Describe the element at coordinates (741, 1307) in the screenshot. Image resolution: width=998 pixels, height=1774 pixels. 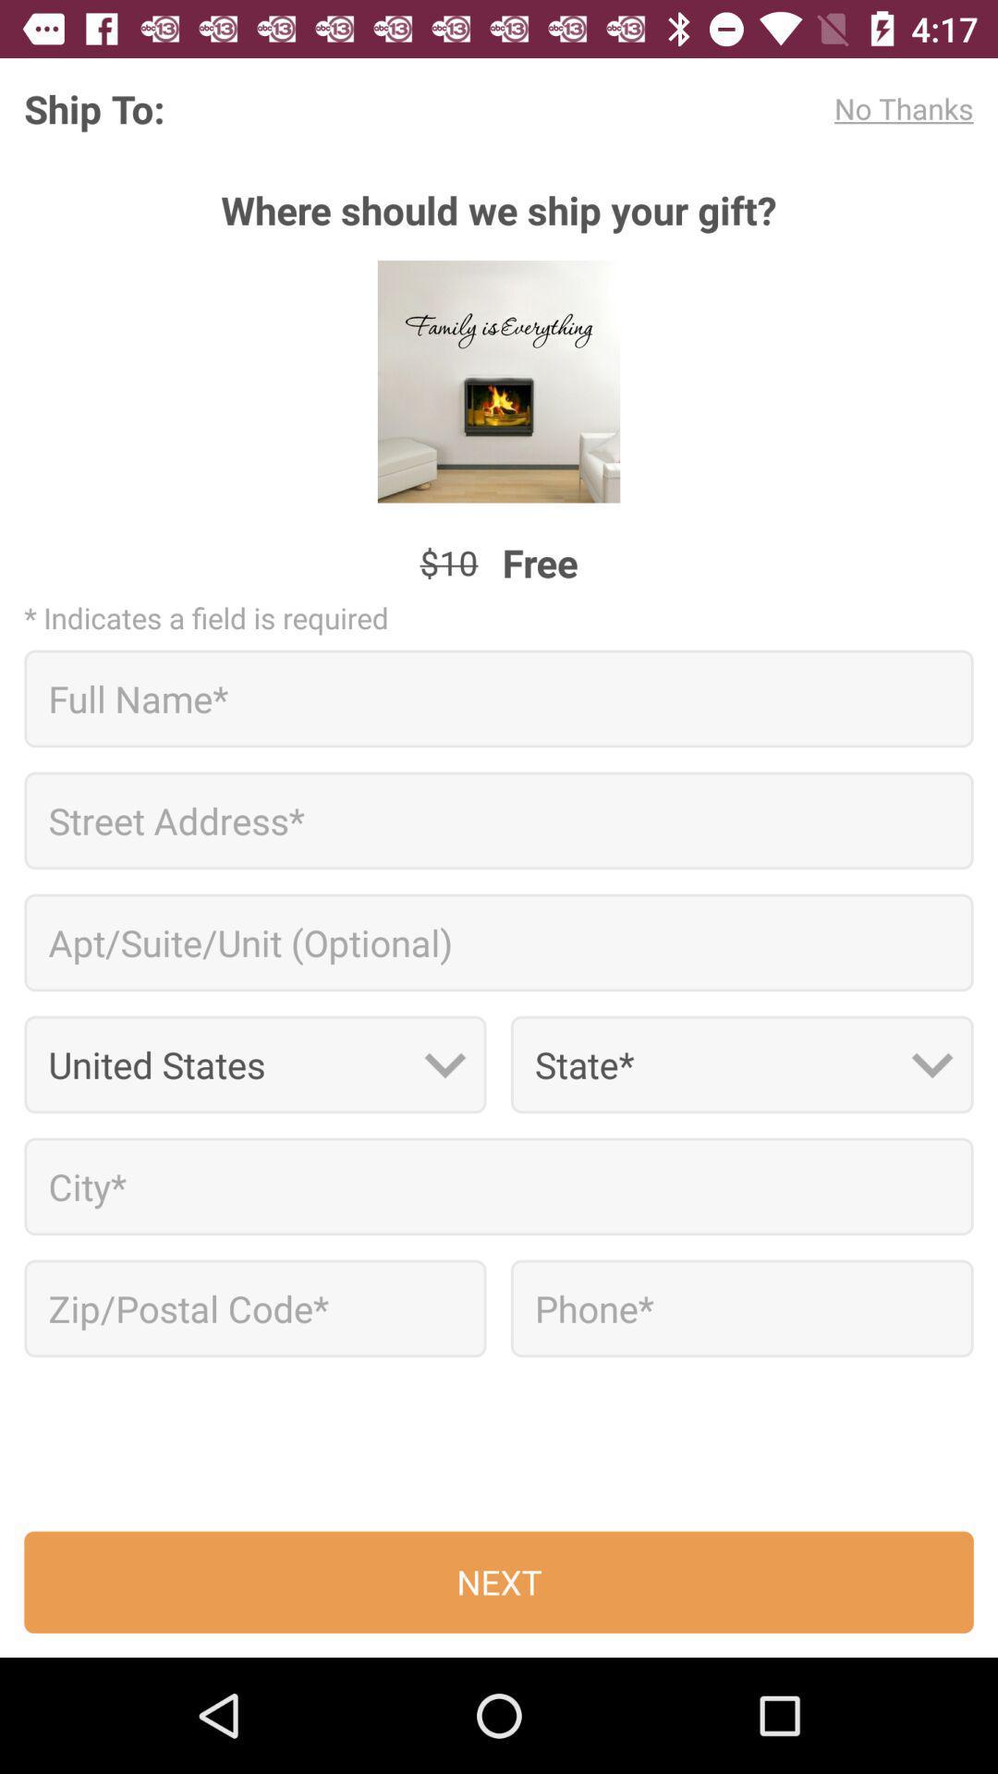
I see `the phone field` at that location.